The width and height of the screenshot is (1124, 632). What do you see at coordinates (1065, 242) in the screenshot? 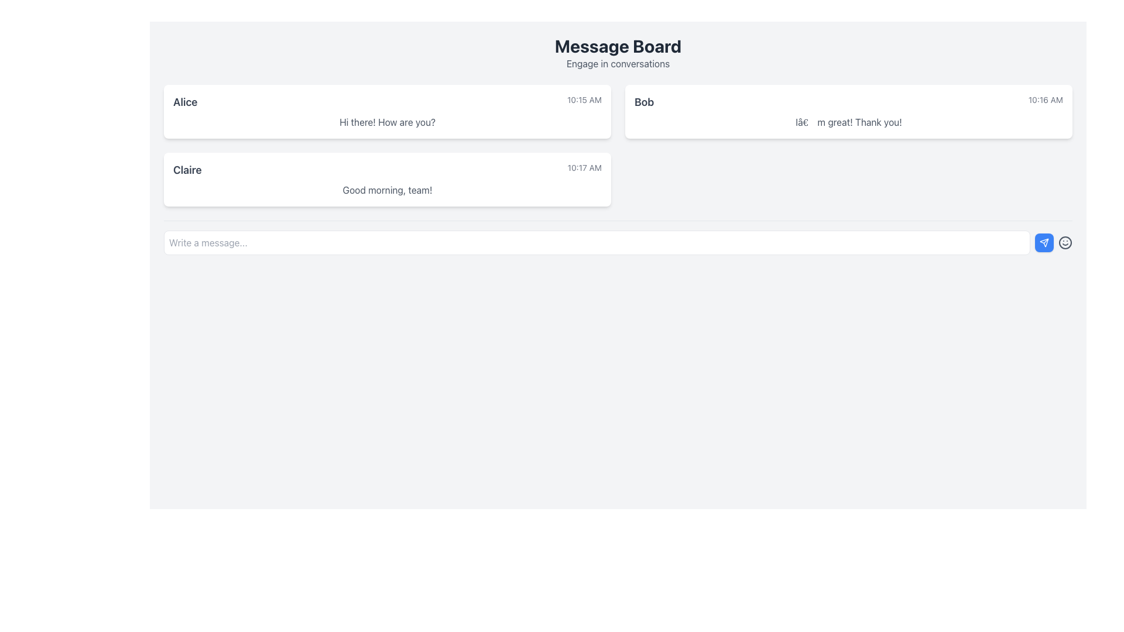
I see `the circular face icon represented by an SVG graphics component located in the bottom-right corner of the interface` at bounding box center [1065, 242].